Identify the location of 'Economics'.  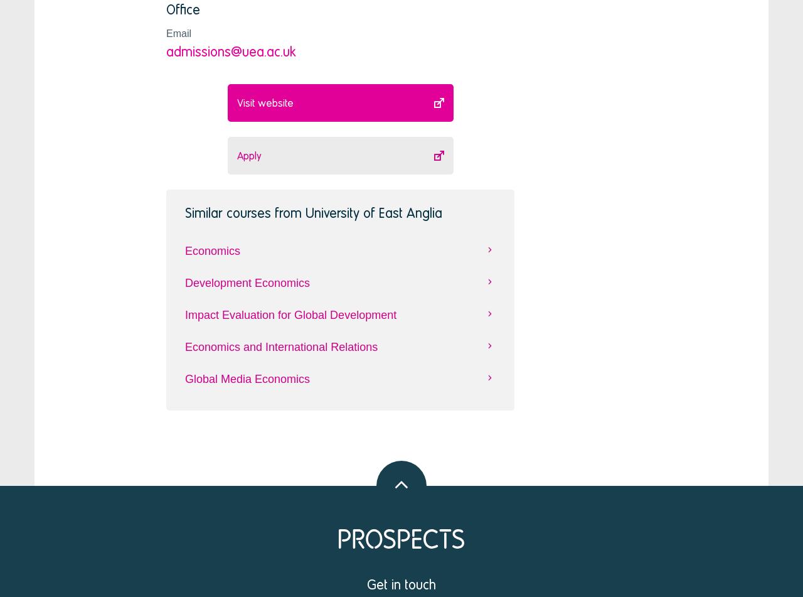
(212, 250).